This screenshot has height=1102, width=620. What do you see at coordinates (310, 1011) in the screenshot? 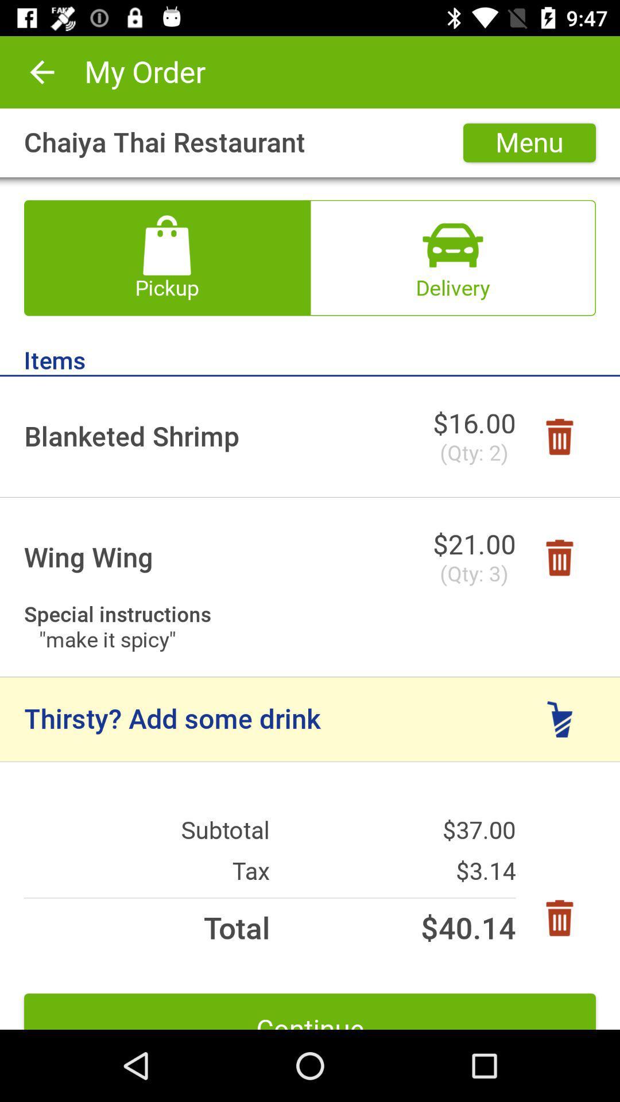
I see `continue icon` at bounding box center [310, 1011].